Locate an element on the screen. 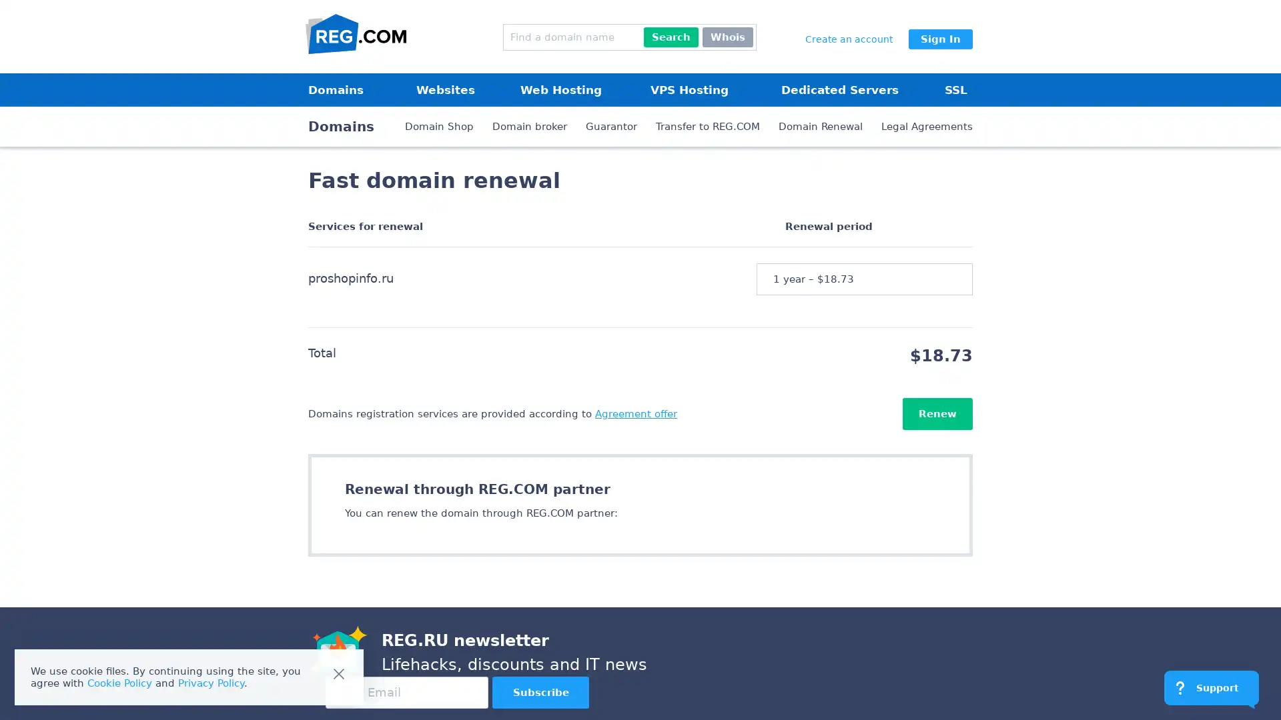 The width and height of the screenshot is (1281, 720). Search is located at coordinates (671, 37).